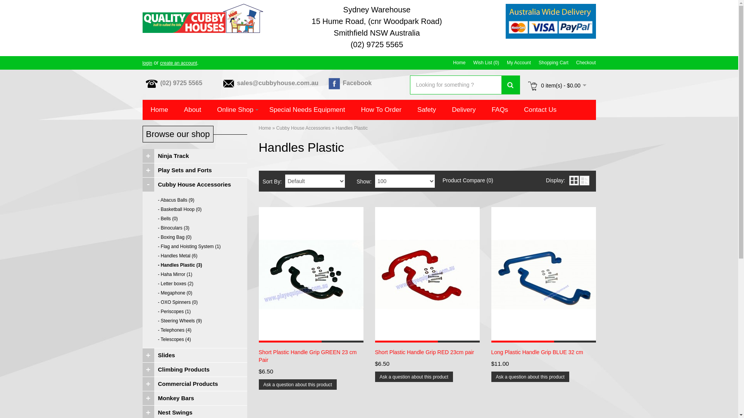 The height and width of the screenshot is (418, 744). What do you see at coordinates (307, 110) in the screenshot?
I see `'Special Needs Equipment'` at bounding box center [307, 110].